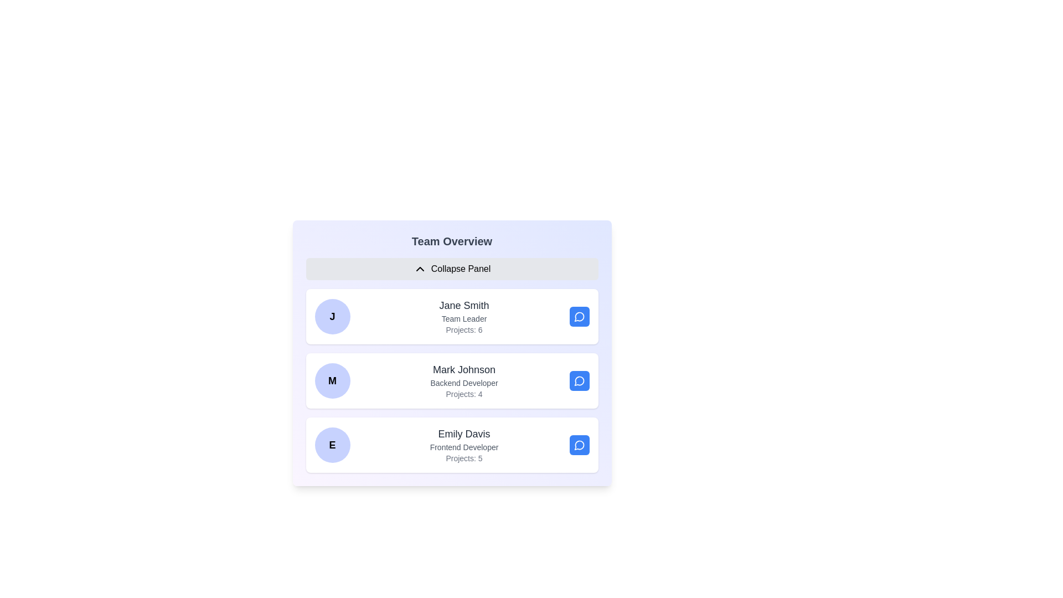 The width and height of the screenshot is (1063, 598). I want to click on the static text label displaying the number of projects ('6') associated with 'Jane Smith', located below the 'Team Leader' designation in the 'Team Overview' section, so click(464, 329).